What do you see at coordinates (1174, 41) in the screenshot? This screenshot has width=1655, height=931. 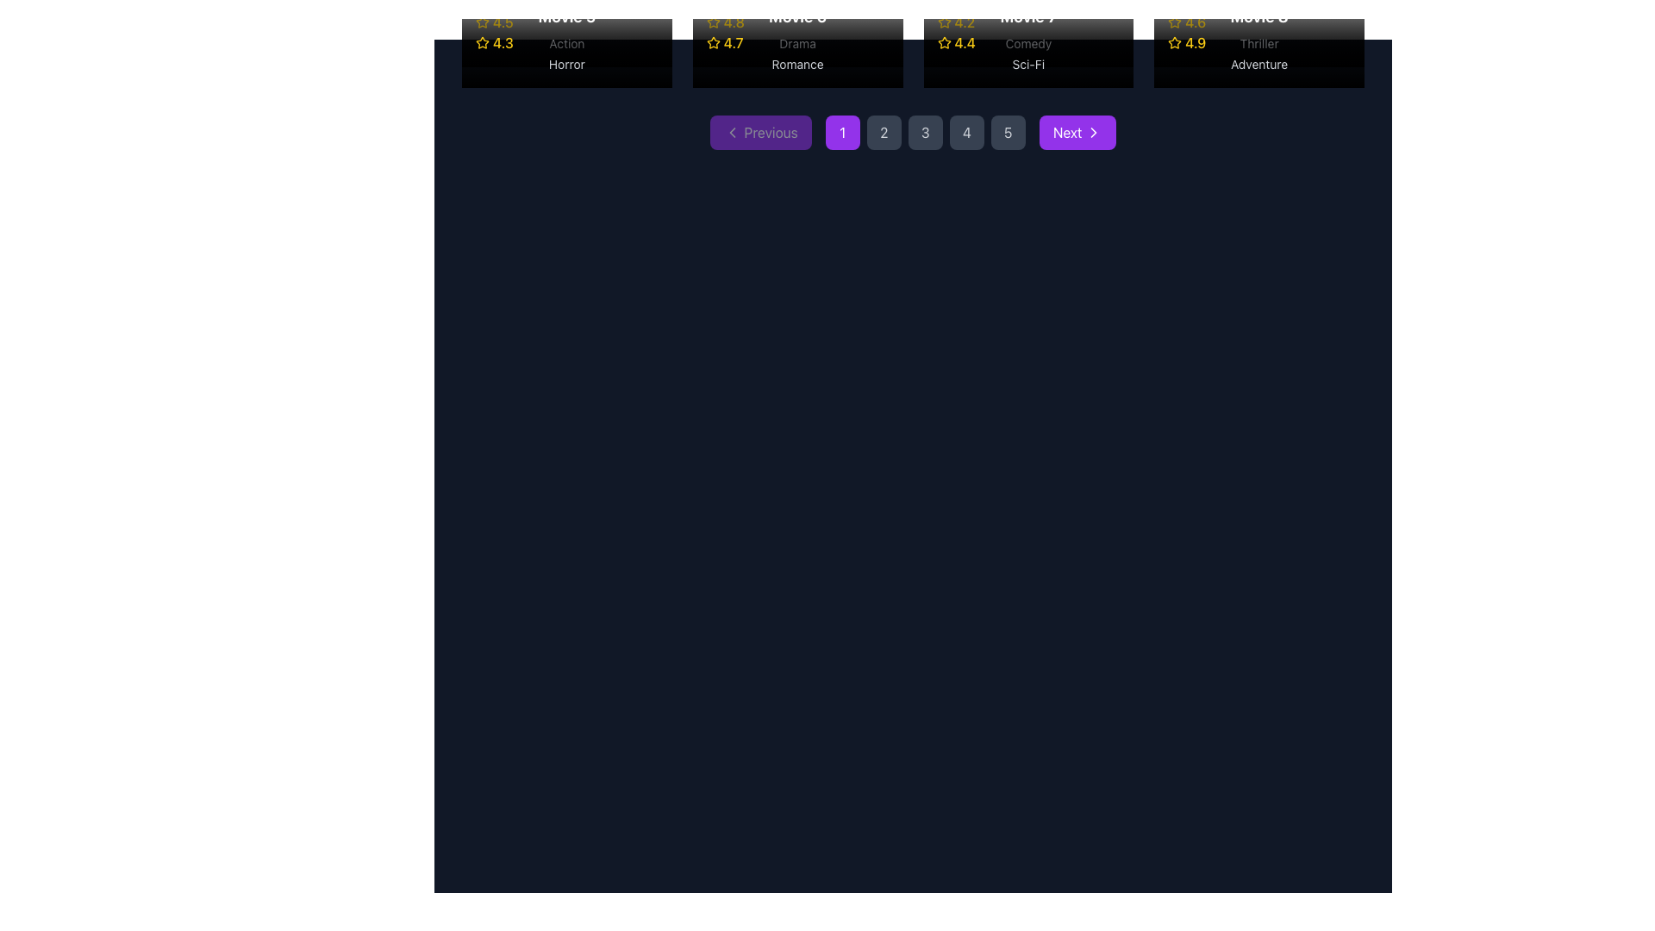 I see `the star-shaped icon representing a 4.9 rating in the 'Thriller, Adventure' category tile, which is styled with a yellow fill color and is the only star icon present in this rating group` at bounding box center [1174, 41].